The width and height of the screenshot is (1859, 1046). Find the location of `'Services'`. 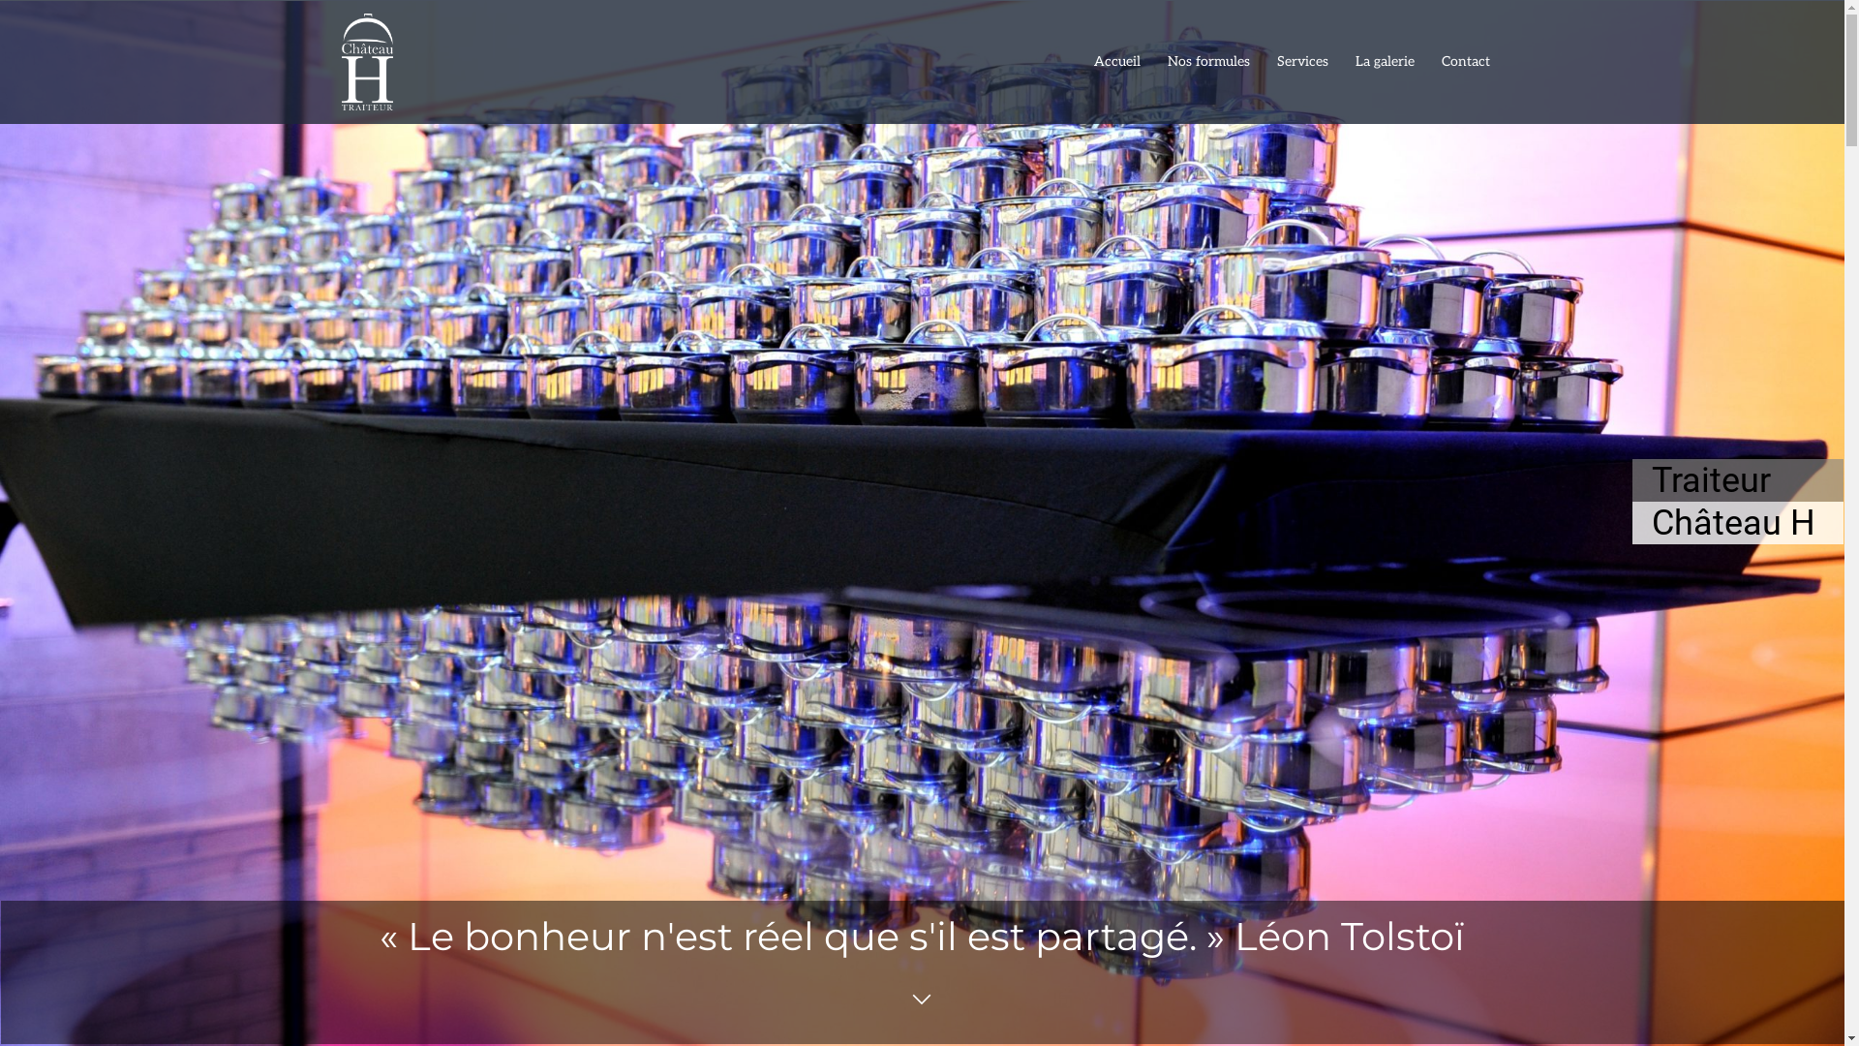

'Services' is located at coordinates (1263, 61).